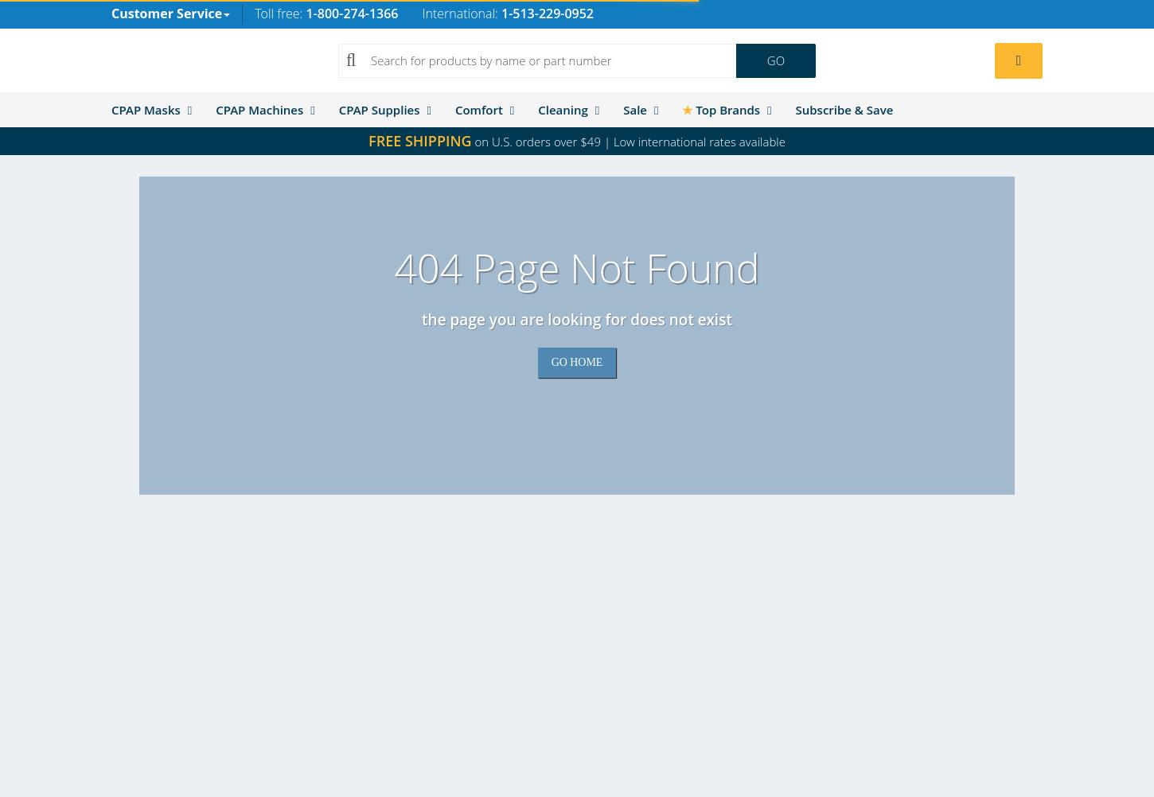 This screenshot has width=1154, height=797. What do you see at coordinates (844, 107) in the screenshot?
I see `'Subscribe & Save'` at bounding box center [844, 107].